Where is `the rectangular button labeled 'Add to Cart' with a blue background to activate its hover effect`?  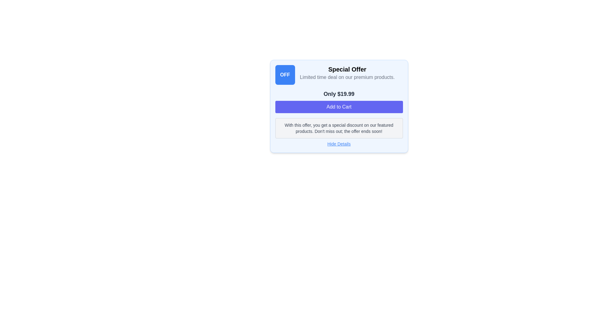 the rectangular button labeled 'Add to Cart' with a blue background to activate its hover effect is located at coordinates (339, 107).